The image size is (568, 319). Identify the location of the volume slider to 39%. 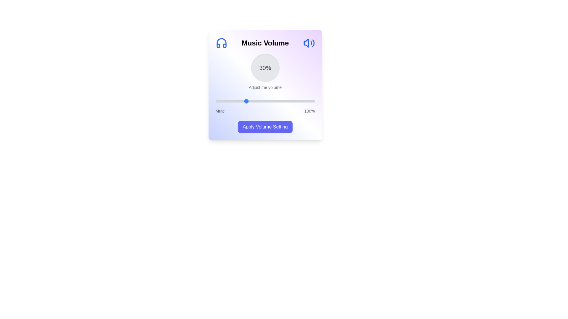
(254, 101).